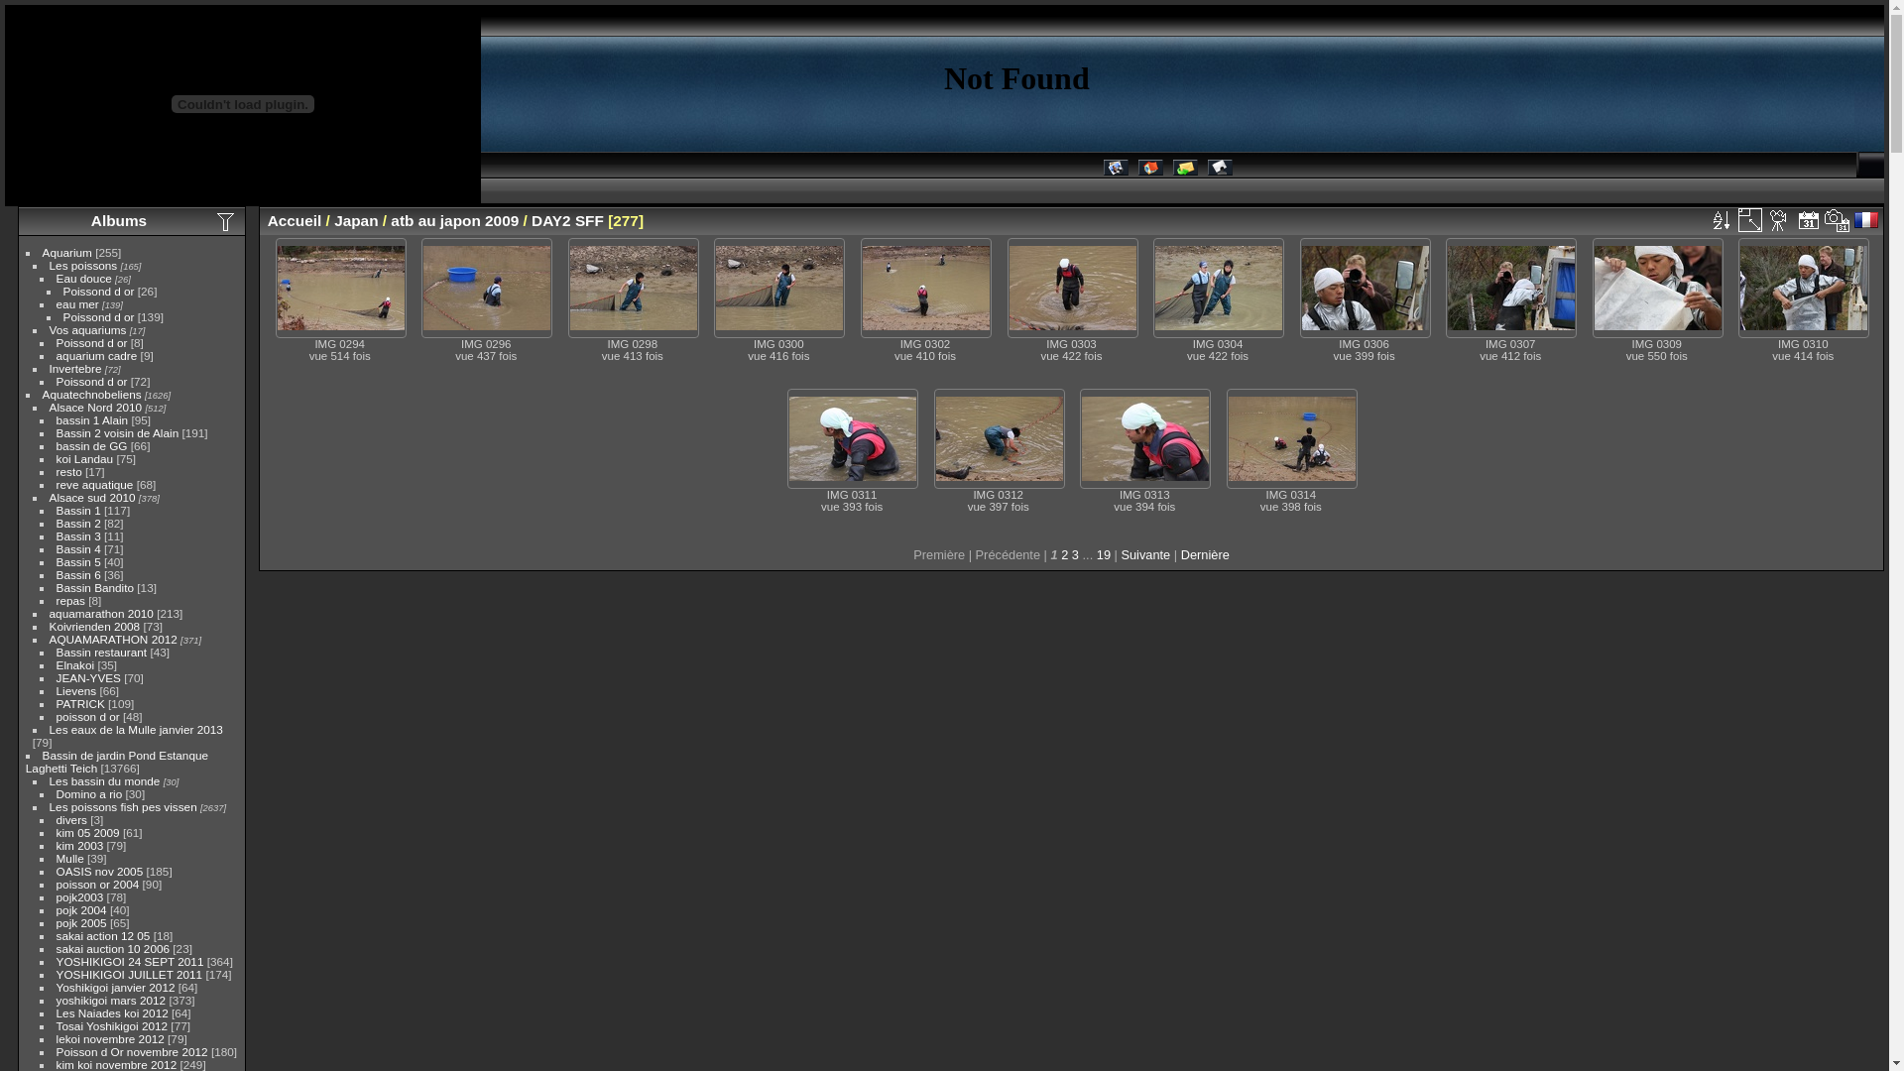 This screenshot has width=1904, height=1071. What do you see at coordinates (110, 1000) in the screenshot?
I see `'yoshikigoi mars 2012'` at bounding box center [110, 1000].